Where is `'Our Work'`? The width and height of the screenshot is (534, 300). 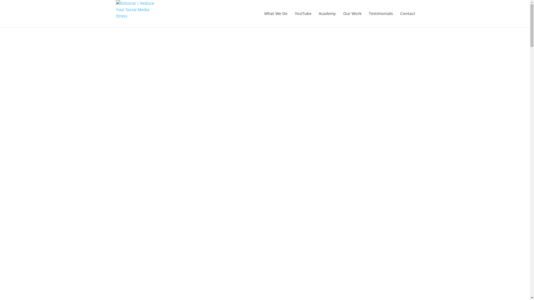 'Our Work' is located at coordinates (352, 19).